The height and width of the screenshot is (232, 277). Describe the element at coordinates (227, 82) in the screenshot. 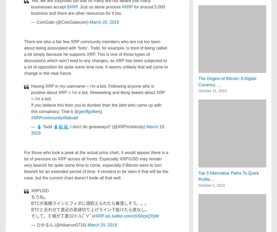

I see `'The Origins of Bitcoin: A Digital Currency …'` at that location.